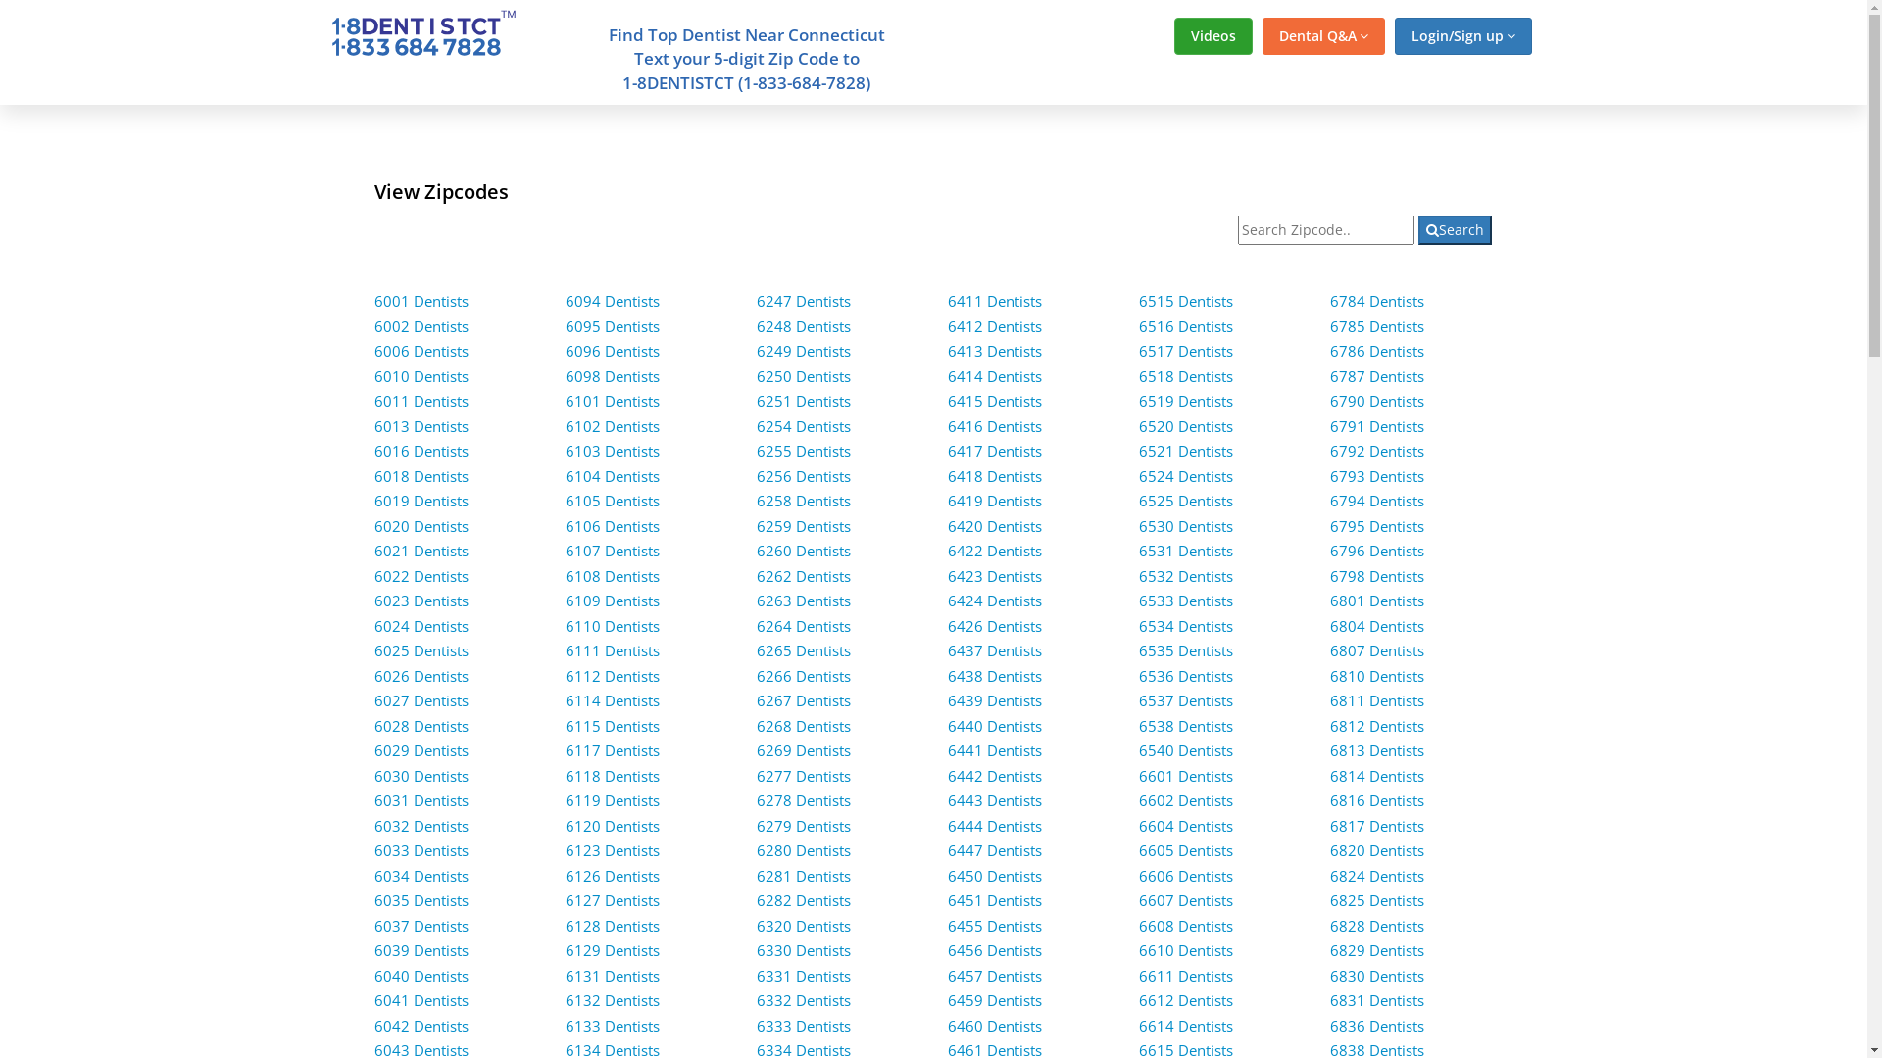 Image resolution: width=1882 pixels, height=1058 pixels. What do you see at coordinates (804, 301) in the screenshot?
I see `'6247 Dentists'` at bounding box center [804, 301].